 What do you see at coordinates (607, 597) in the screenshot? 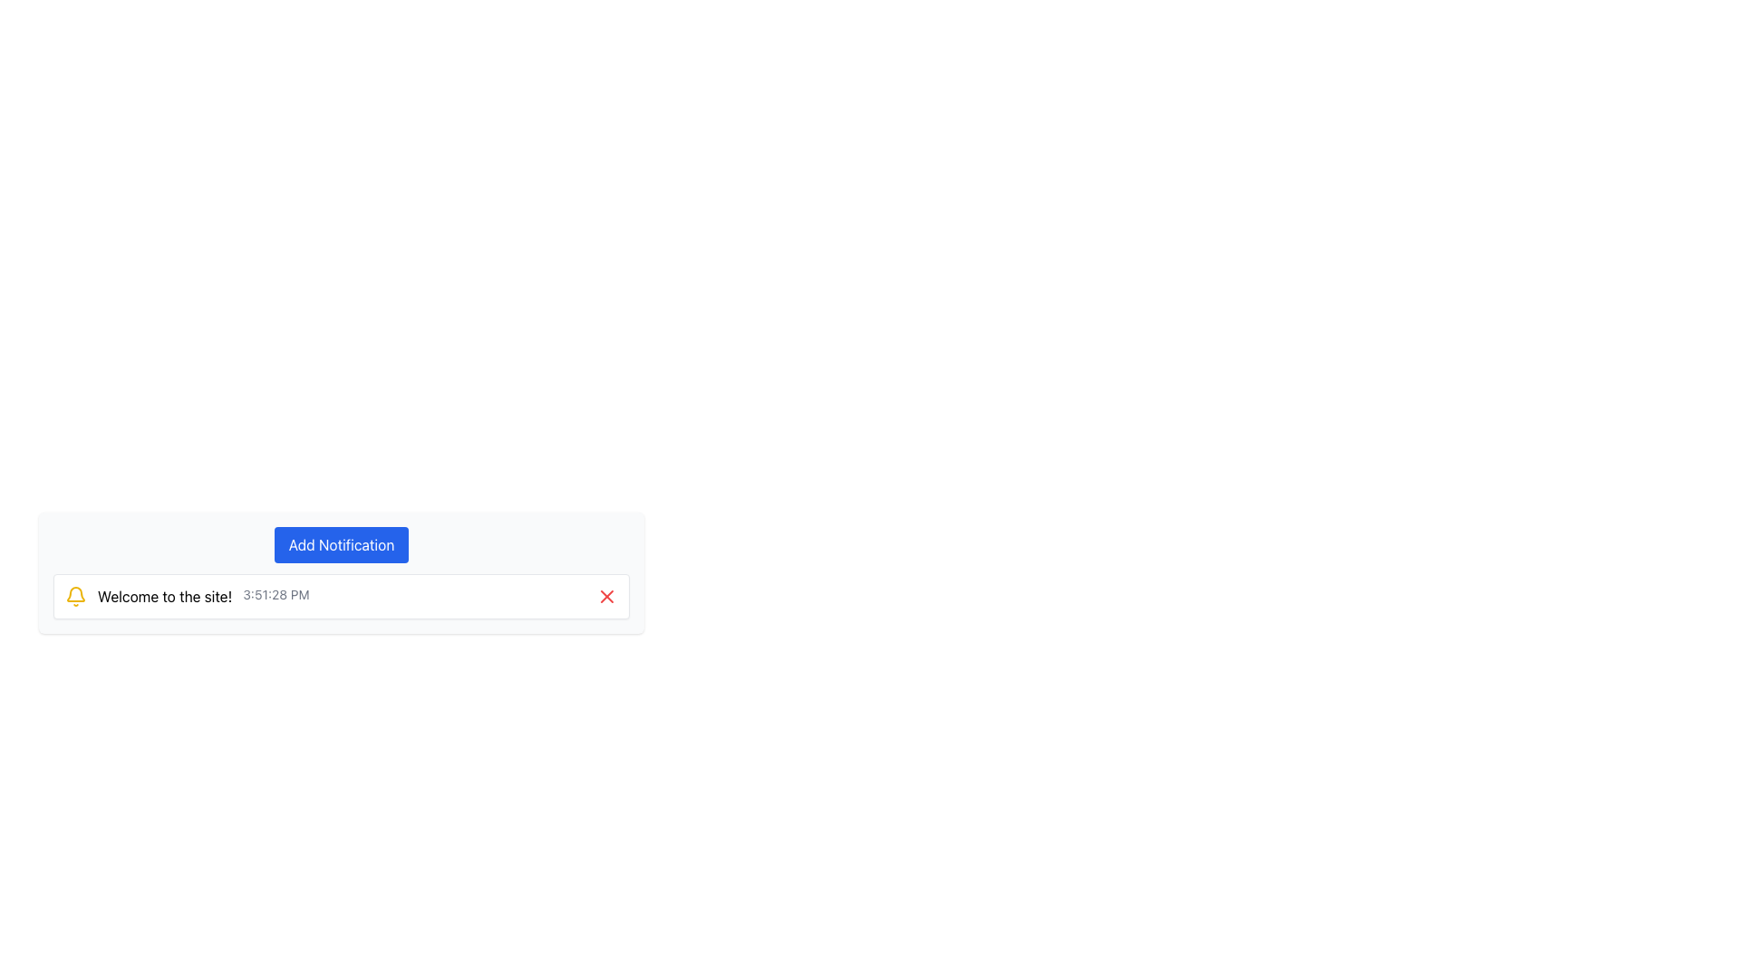
I see `the red 'X' icon located on the right side of the notification message` at bounding box center [607, 597].